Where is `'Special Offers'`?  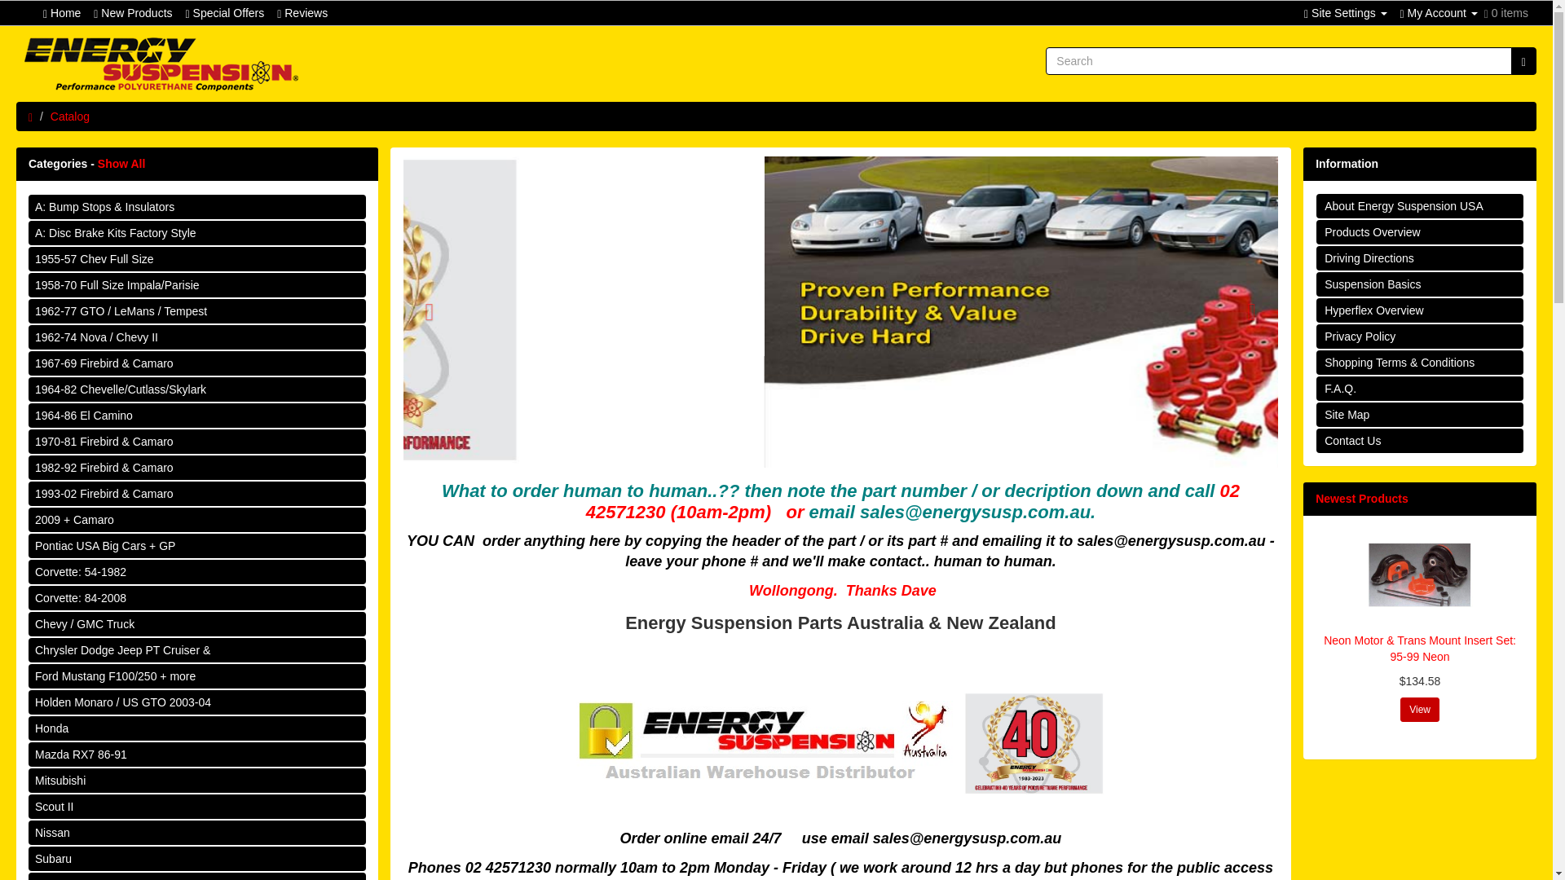
'Special Offers' is located at coordinates (179, 12).